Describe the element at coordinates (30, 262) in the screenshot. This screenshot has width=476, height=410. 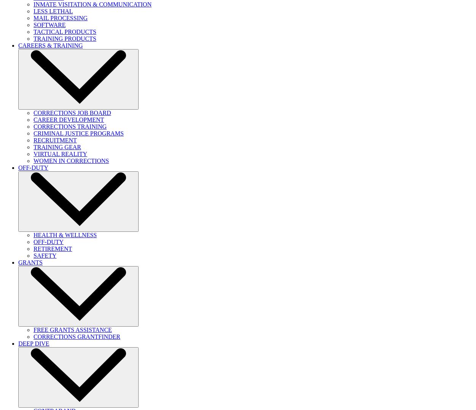
I see `'GRANTS'` at that location.